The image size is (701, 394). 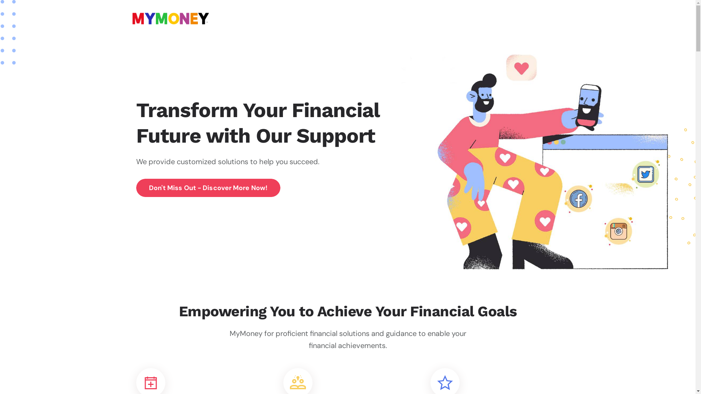 I want to click on 'Don'T Miss Out - Discover More Now!', so click(x=208, y=188).